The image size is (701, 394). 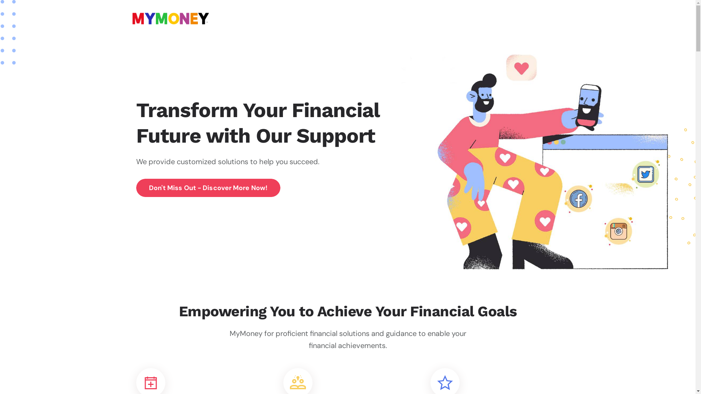 I want to click on 'Don'T Miss Out - Discover More Now!', so click(x=208, y=188).